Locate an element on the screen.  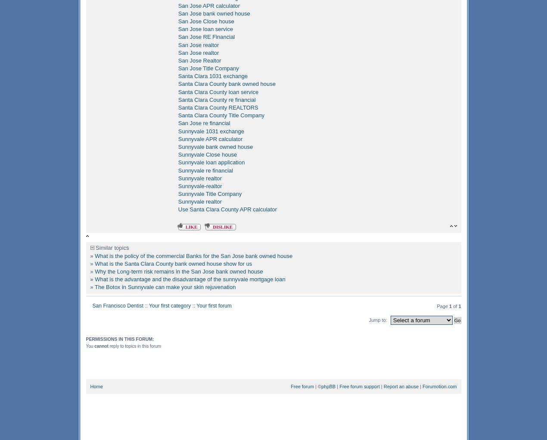
'Sunnyvale bank owned house' is located at coordinates (215, 146).